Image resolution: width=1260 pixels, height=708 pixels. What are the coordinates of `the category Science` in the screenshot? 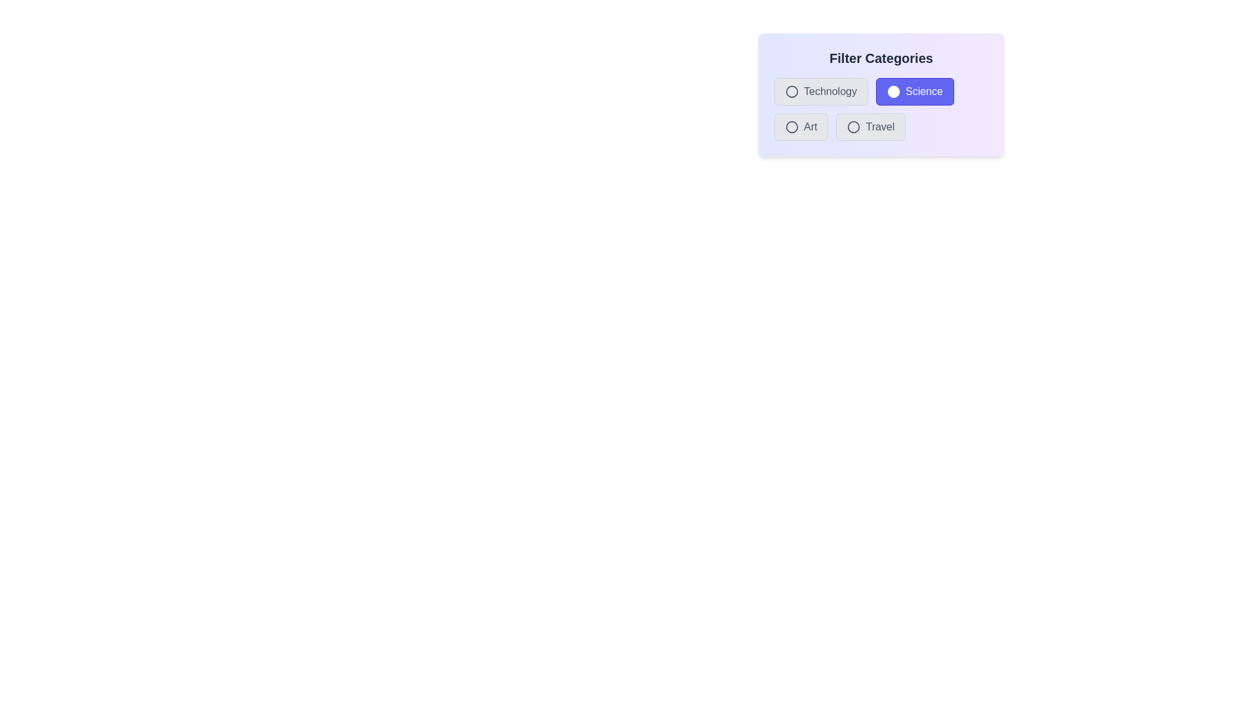 It's located at (892, 90).